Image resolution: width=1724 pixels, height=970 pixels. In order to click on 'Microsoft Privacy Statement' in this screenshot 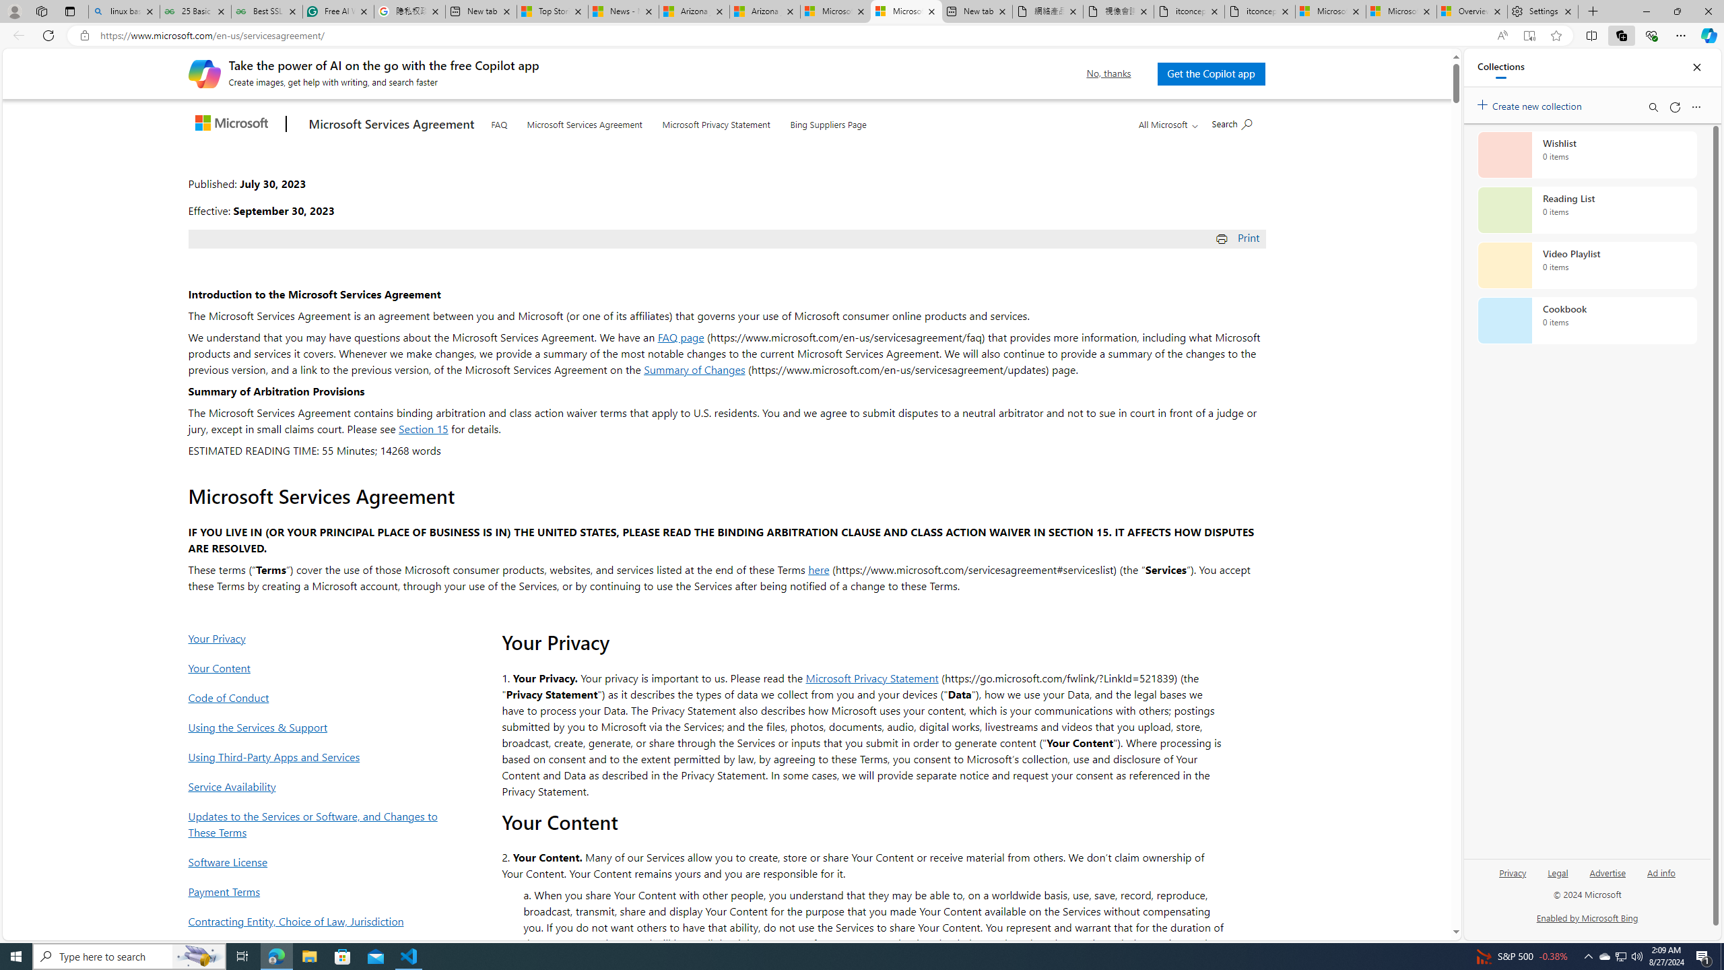, I will do `click(716, 121)`.